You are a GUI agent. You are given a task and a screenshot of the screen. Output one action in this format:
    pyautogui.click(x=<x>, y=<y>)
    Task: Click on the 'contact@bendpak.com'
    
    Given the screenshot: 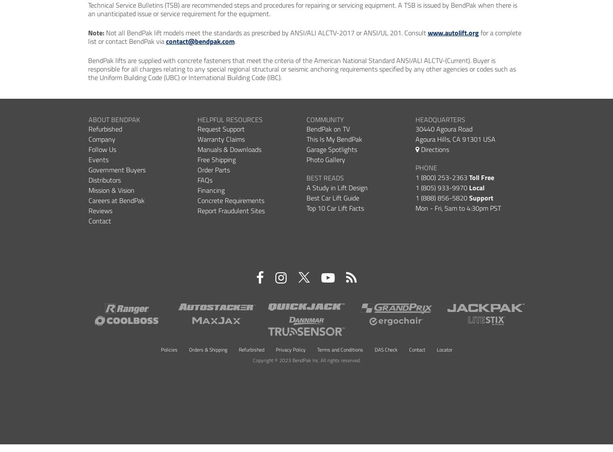 What is the action you would take?
    pyautogui.click(x=165, y=41)
    